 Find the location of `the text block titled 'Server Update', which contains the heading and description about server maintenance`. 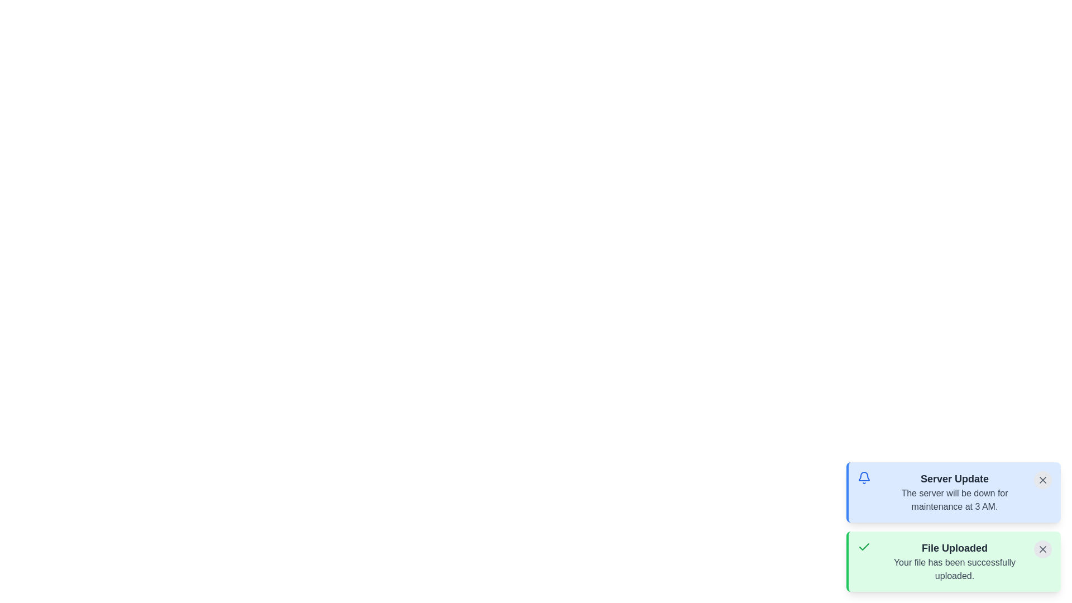

the text block titled 'Server Update', which contains the heading and description about server maintenance is located at coordinates (954, 492).